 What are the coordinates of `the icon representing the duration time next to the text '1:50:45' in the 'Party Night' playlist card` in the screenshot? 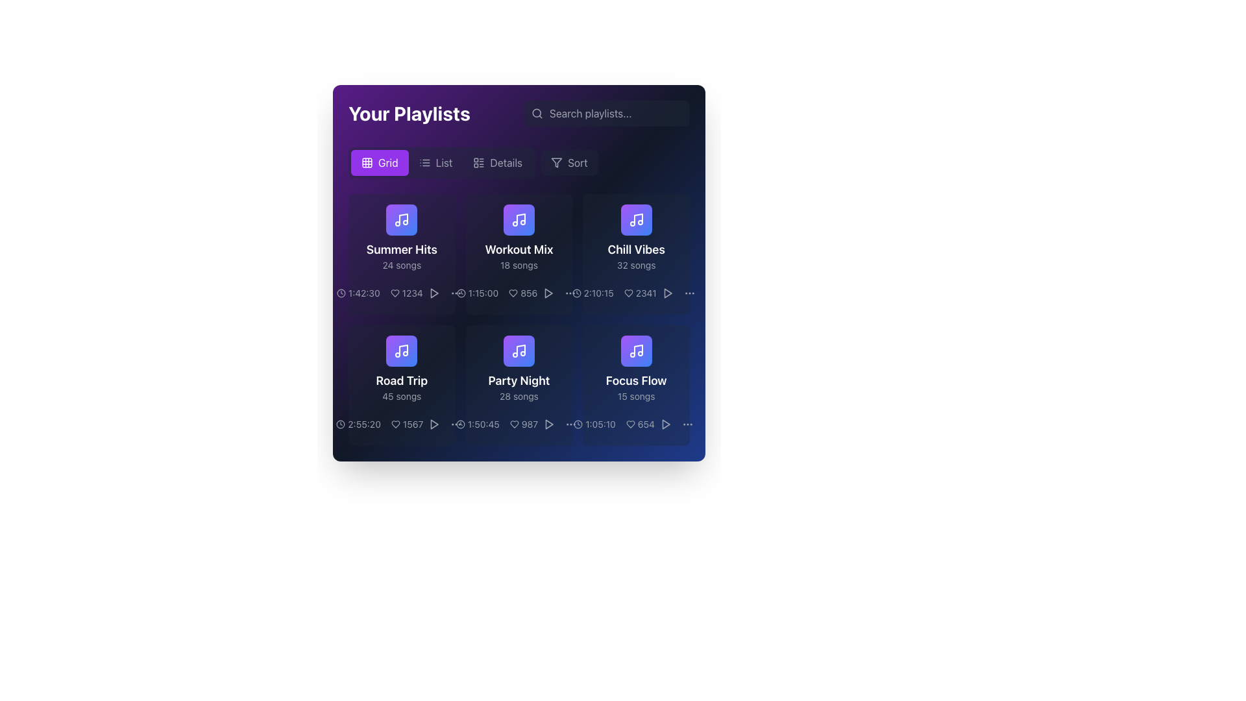 It's located at (460, 424).